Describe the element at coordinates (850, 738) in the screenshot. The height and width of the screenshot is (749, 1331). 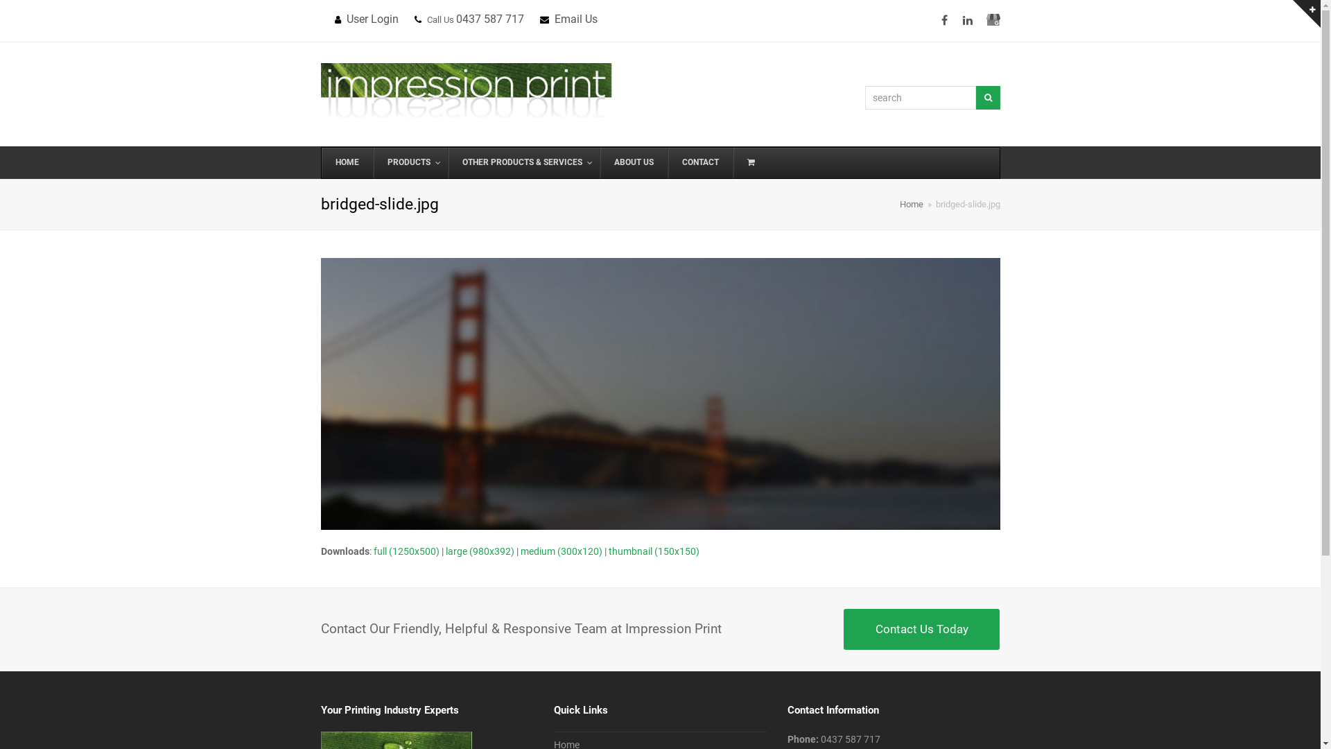
I see `'0437 587 717'` at that location.